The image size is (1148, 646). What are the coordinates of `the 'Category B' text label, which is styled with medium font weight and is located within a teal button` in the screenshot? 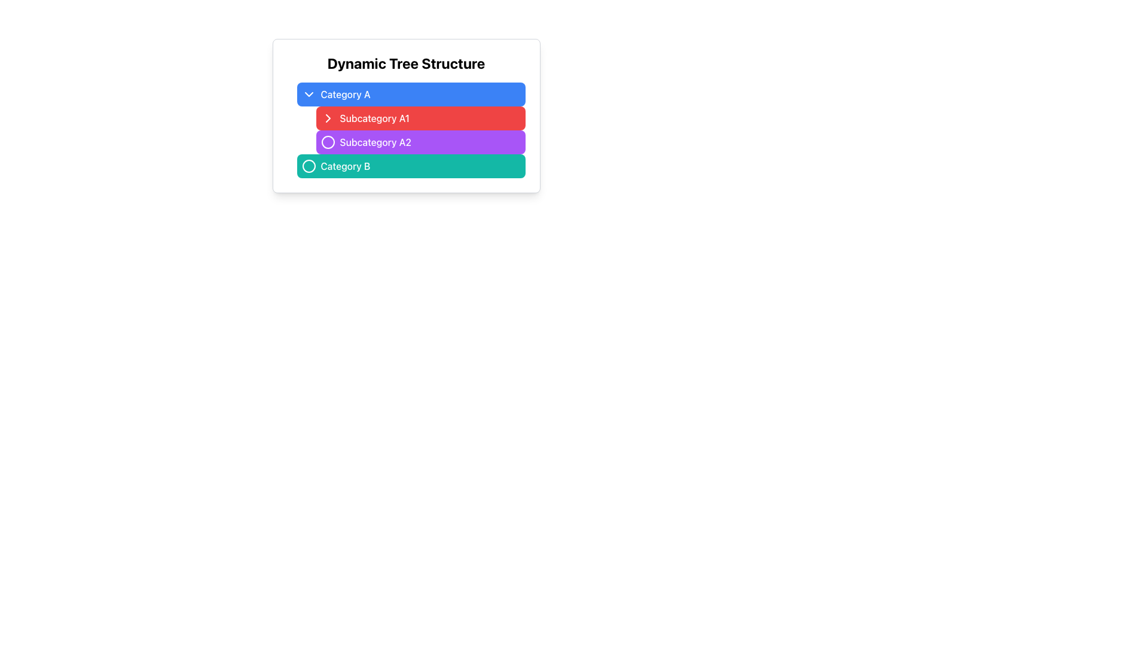 It's located at (344, 166).